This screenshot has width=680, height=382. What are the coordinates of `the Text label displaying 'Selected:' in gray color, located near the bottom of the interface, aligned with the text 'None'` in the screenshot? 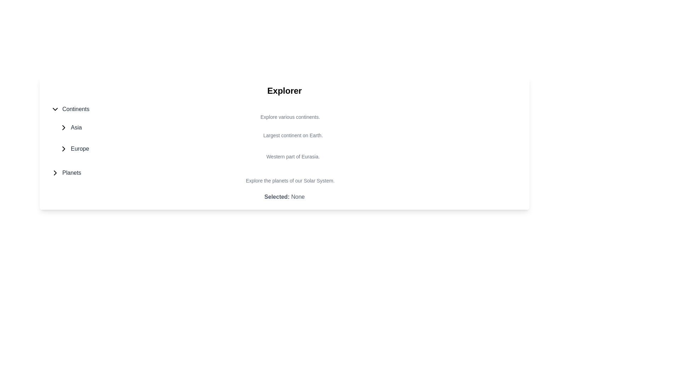 It's located at (277, 197).